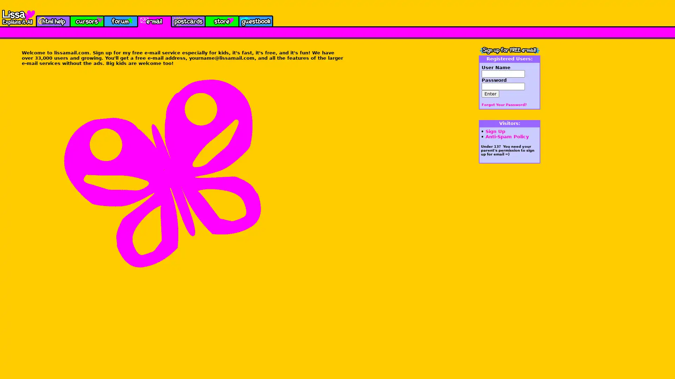  What do you see at coordinates (490, 93) in the screenshot?
I see `Enter` at bounding box center [490, 93].